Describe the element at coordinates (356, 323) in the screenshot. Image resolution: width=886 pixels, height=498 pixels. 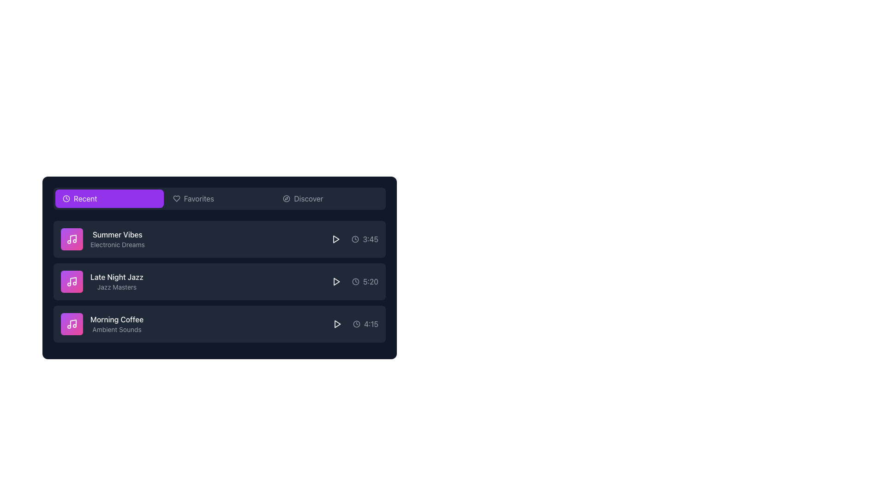
I see `the SVG Circle representing part of a clock face located at the bottom right corner of the interface near the clock icon adjacent to the time value '4:15'` at that location.